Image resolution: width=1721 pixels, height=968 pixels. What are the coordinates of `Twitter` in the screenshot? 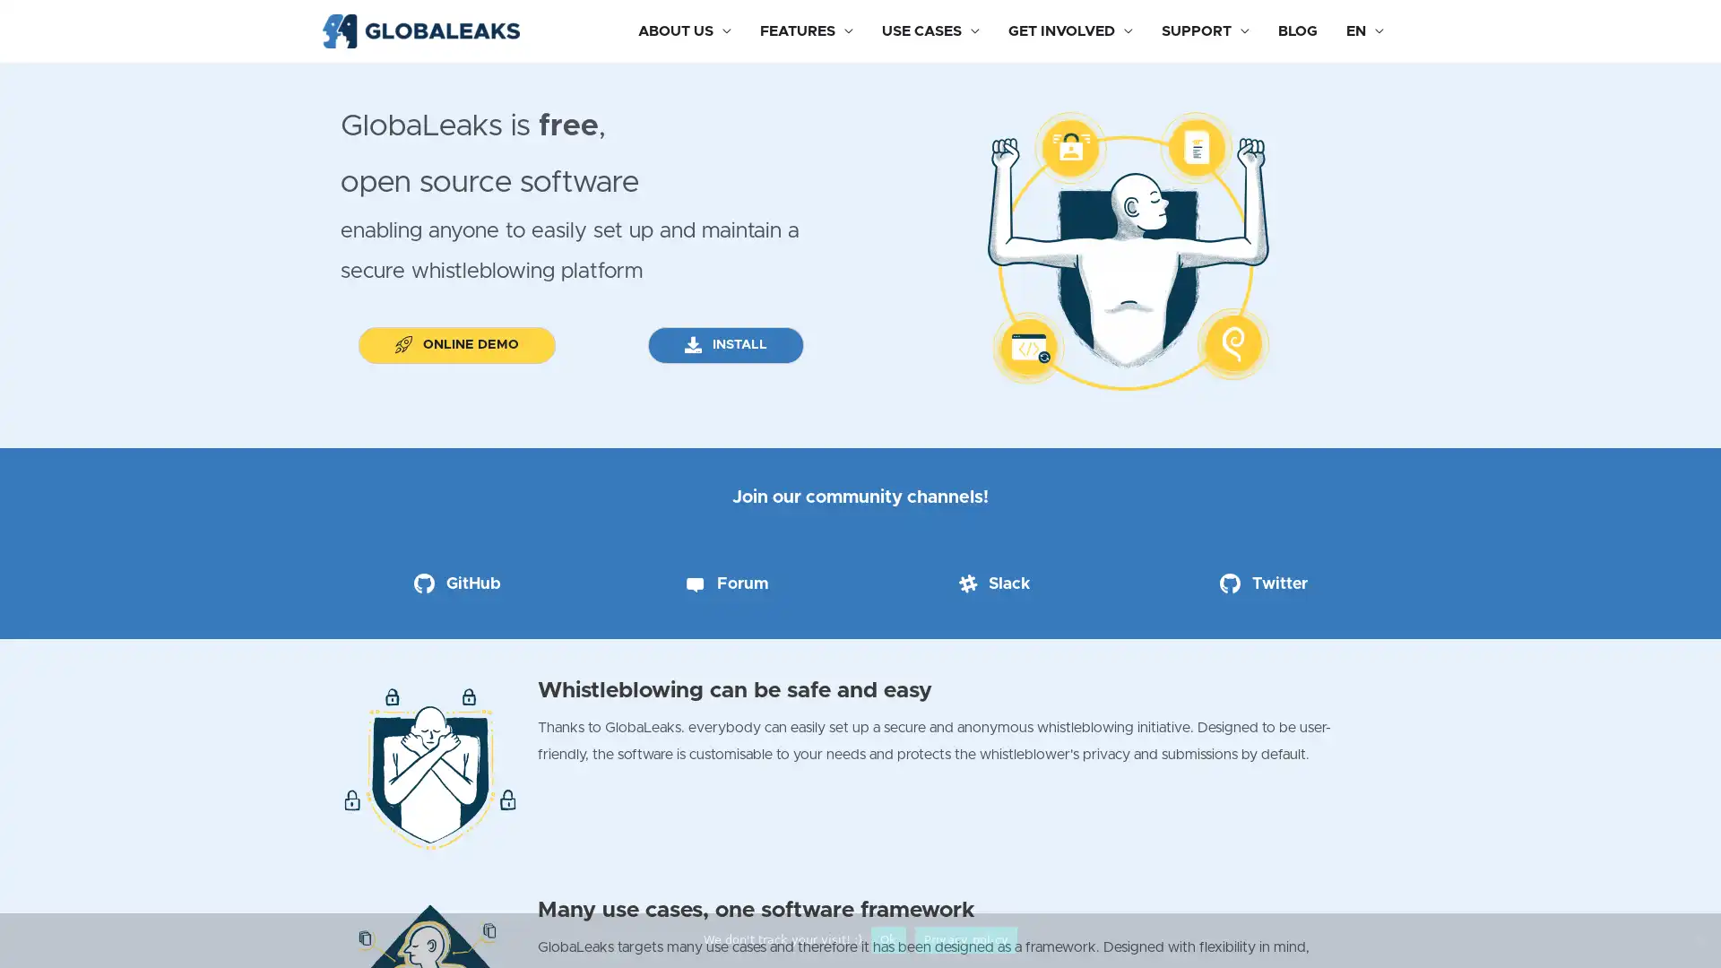 It's located at (1263, 583).